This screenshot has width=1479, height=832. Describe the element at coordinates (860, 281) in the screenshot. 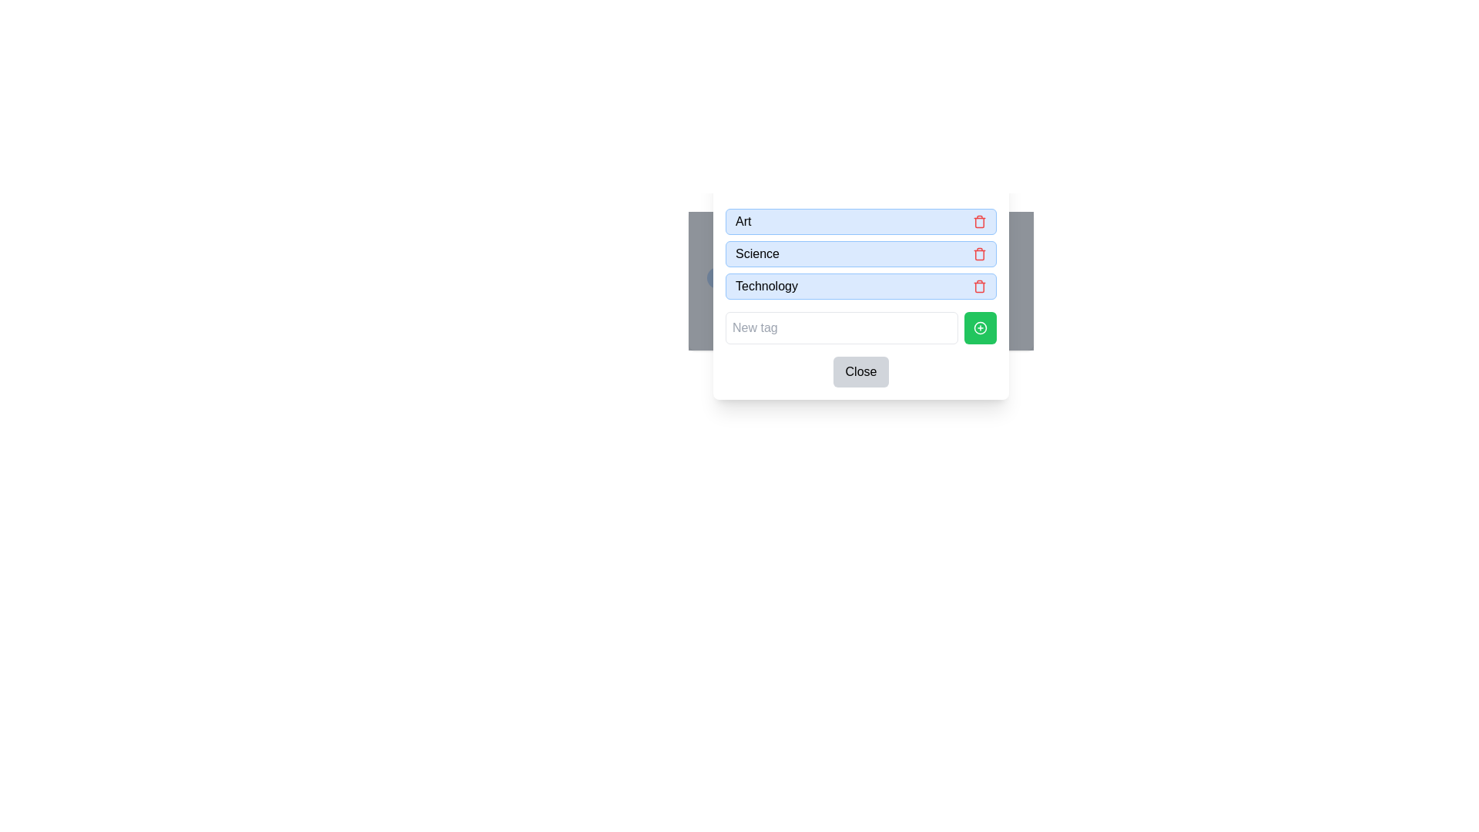

I see `the 'Technology' button in the 'Edit Tags' dialog box` at that location.